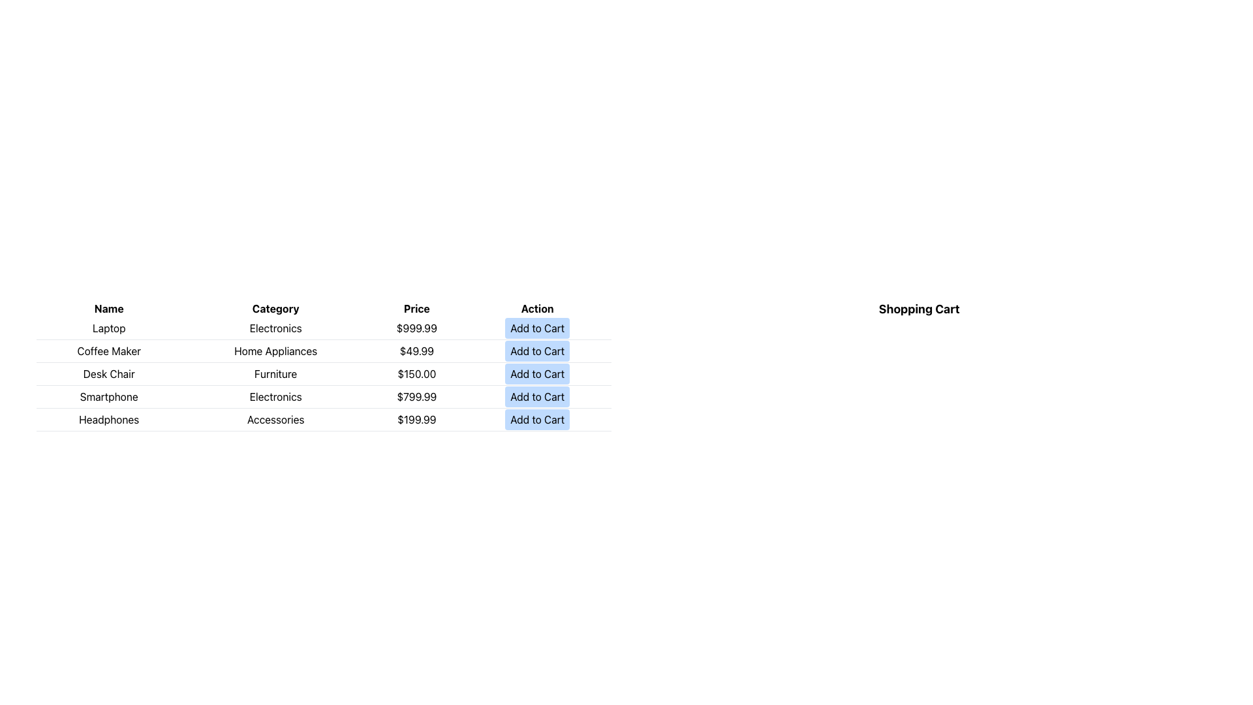 This screenshot has height=705, width=1253. What do you see at coordinates (416, 328) in the screenshot?
I see `price displayed in the static text label located in the third column of the table, which is positioned between the 'Electronics' category label and the 'Add to Cart' button` at bounding box center [416, 328].